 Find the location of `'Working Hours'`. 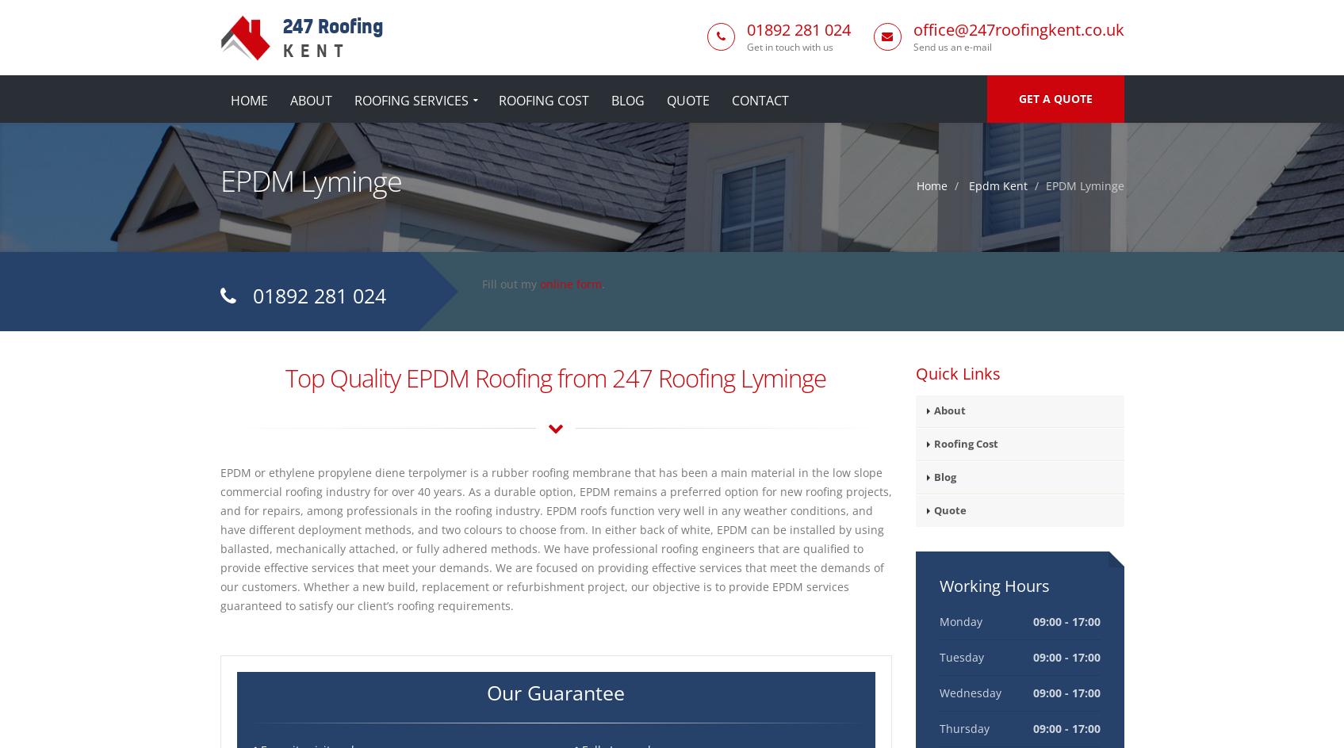

'Working Hours' is located at coordinates (994, 586).